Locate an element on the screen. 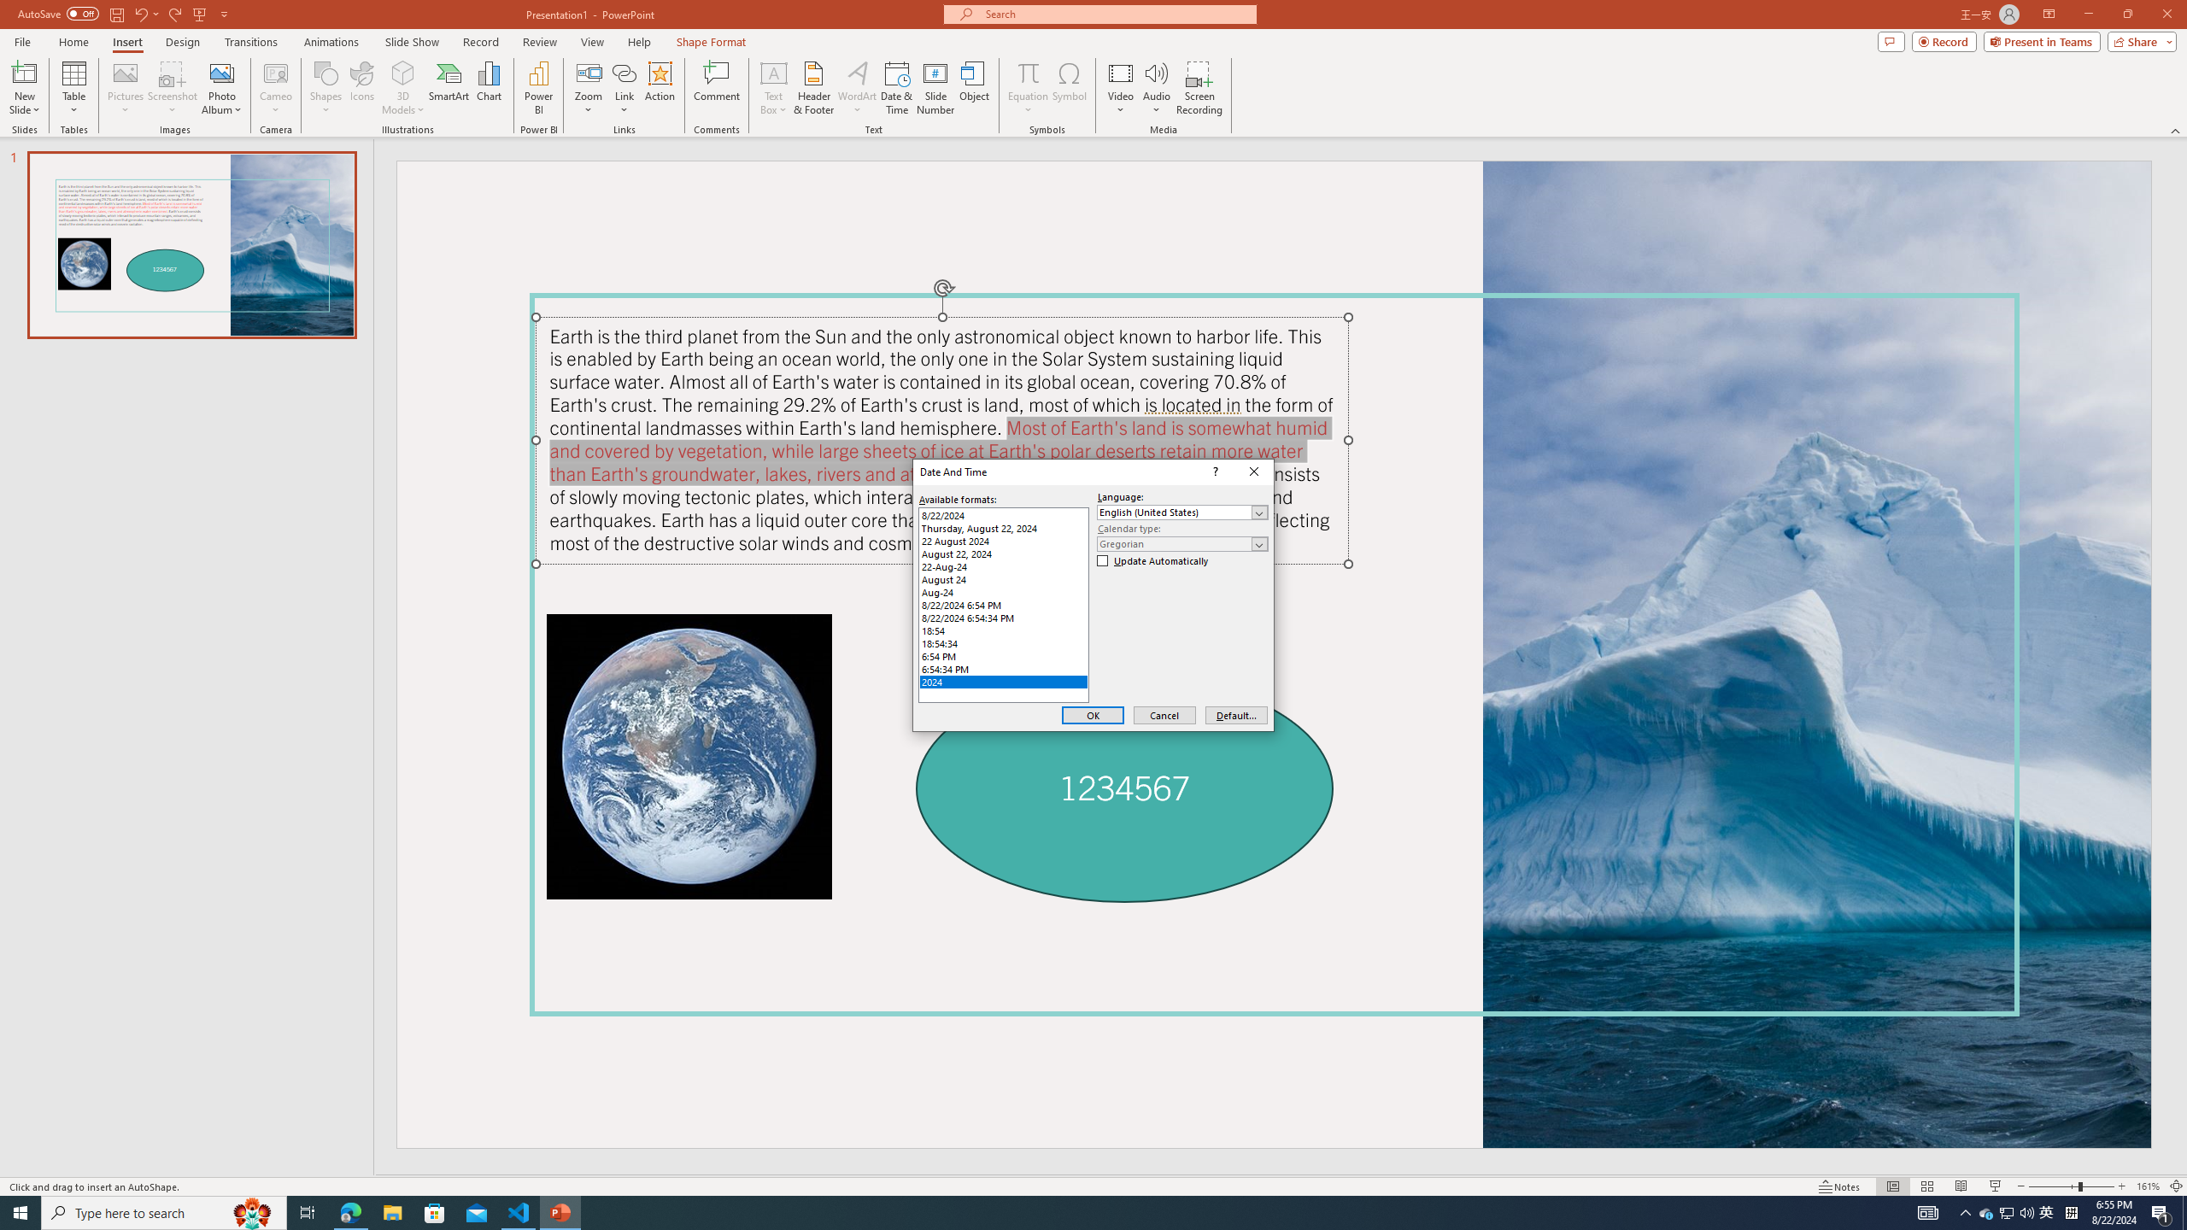 Image resolution: width=2187 pixels, height=1230 pixels. 'Aug-24' is located at coordinates (1003, 592).